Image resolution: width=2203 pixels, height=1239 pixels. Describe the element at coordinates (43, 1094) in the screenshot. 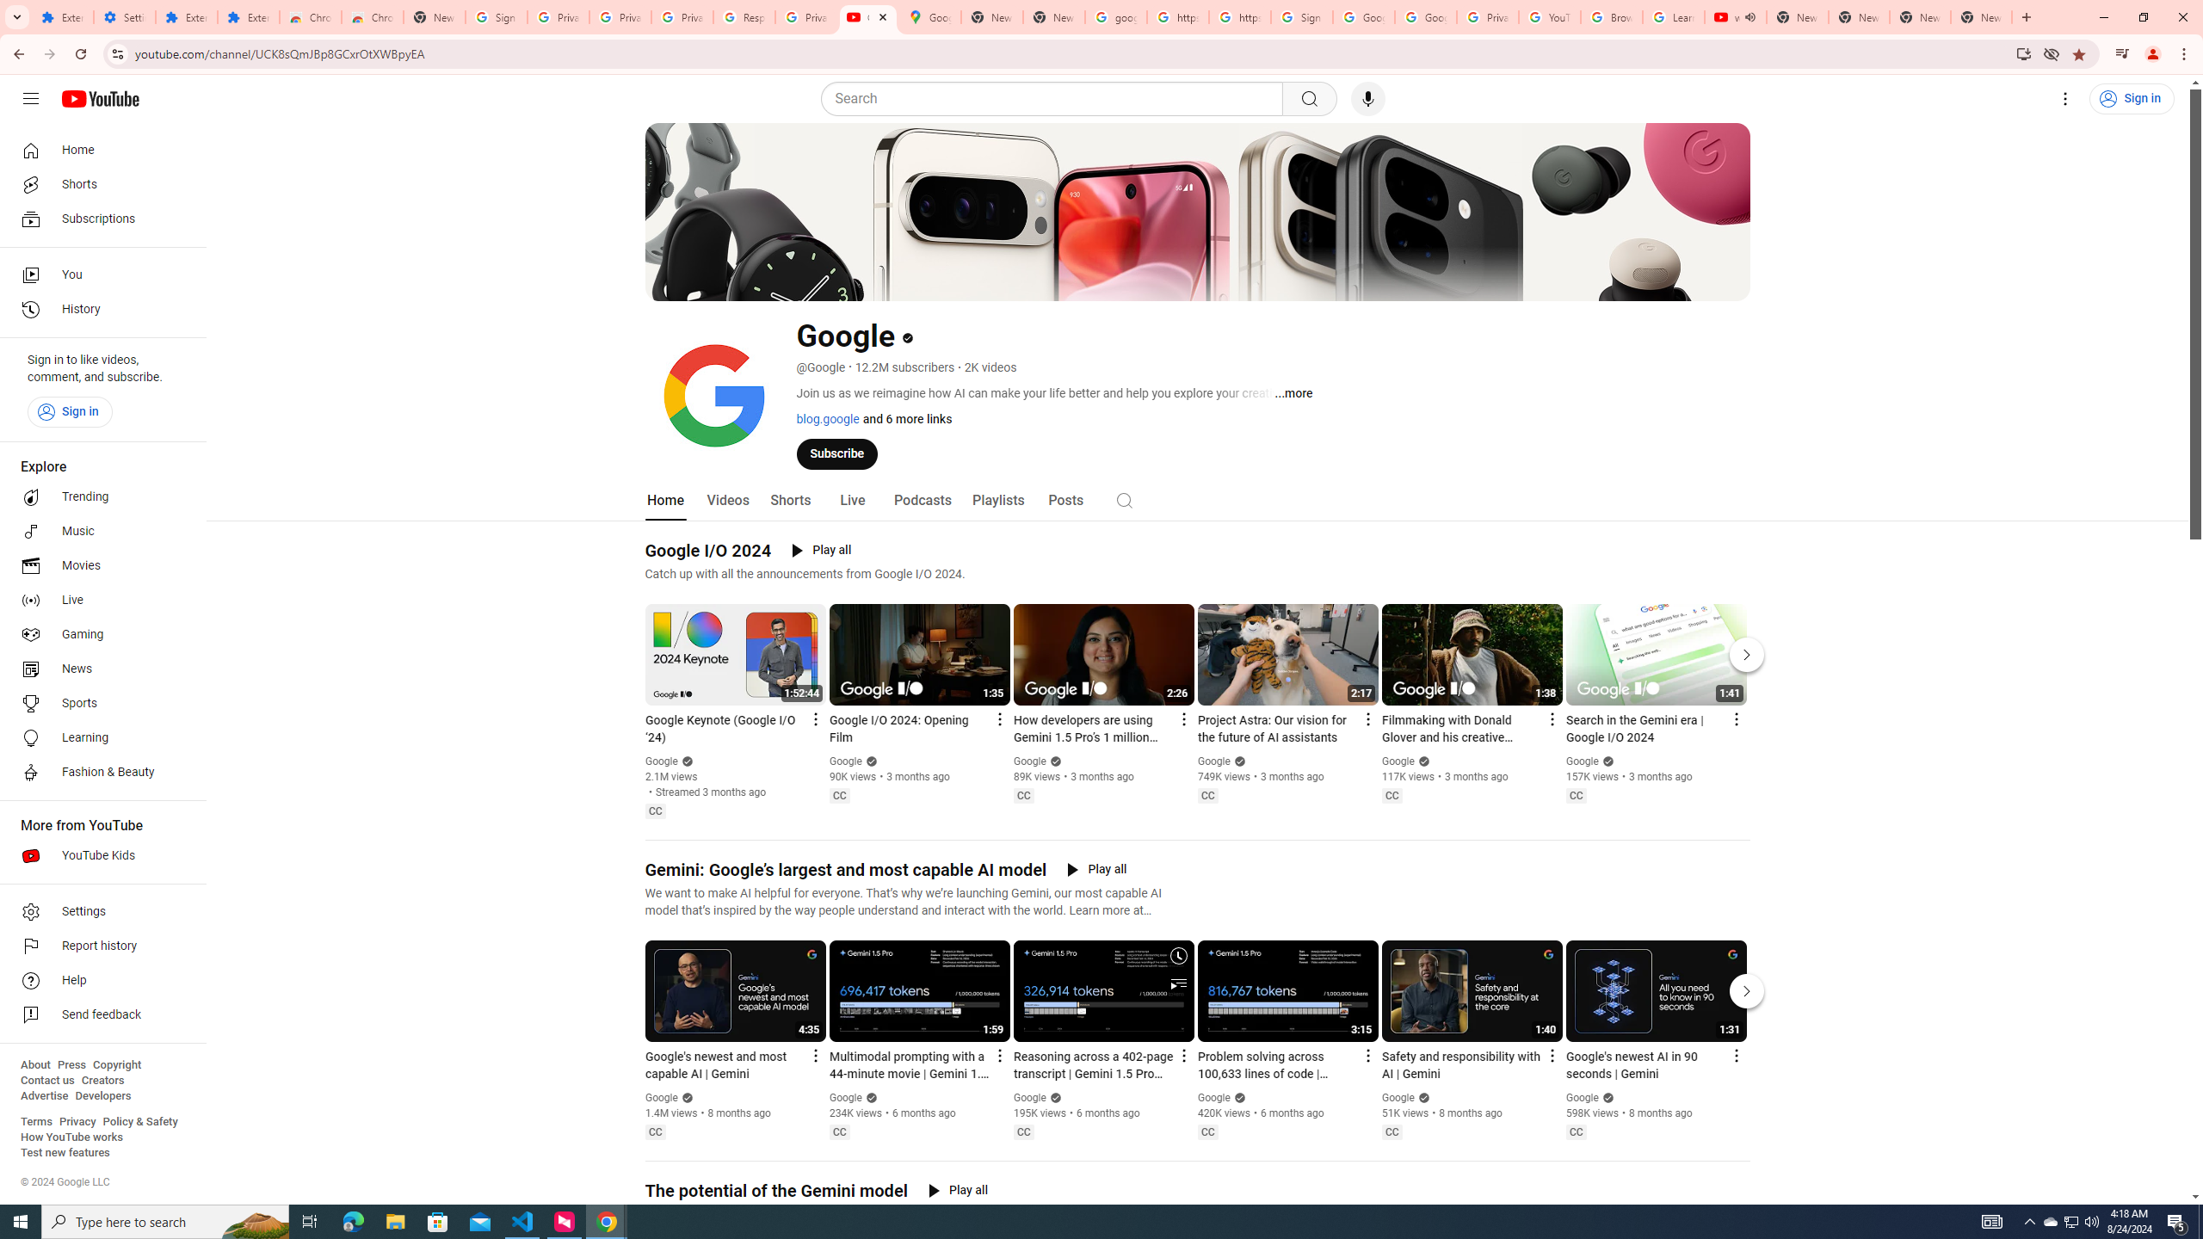

I see `'Advertise'` at that location.